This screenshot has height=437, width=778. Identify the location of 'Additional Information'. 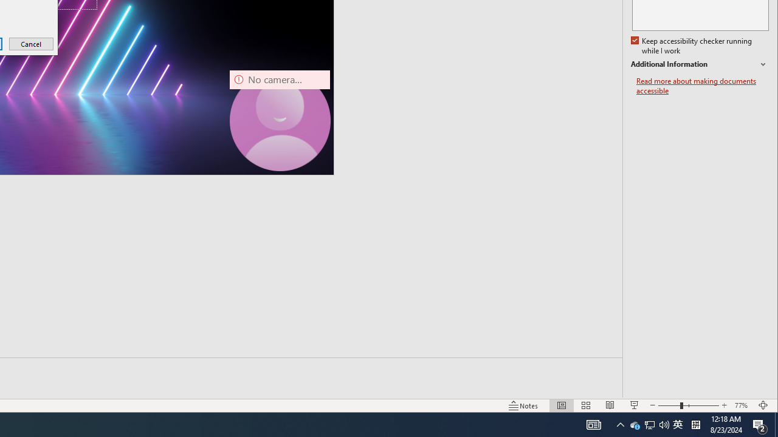
(700, 64).